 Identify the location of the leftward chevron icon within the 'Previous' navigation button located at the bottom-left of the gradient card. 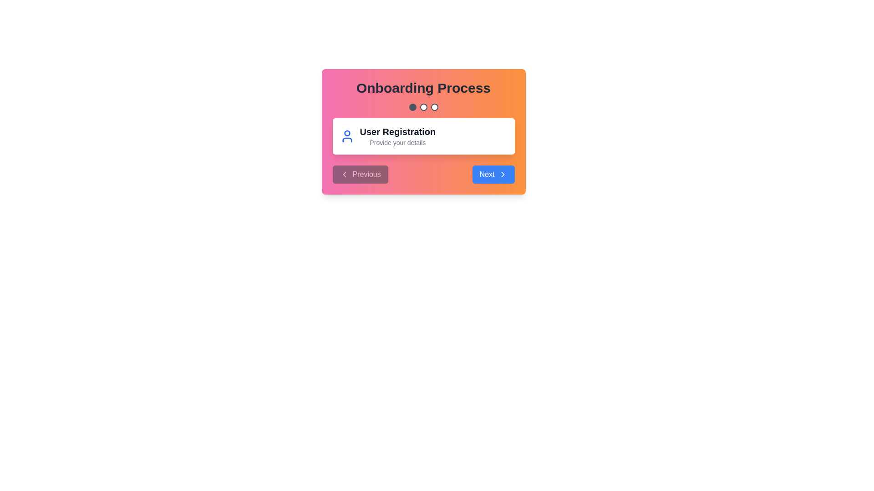
(344, 175).